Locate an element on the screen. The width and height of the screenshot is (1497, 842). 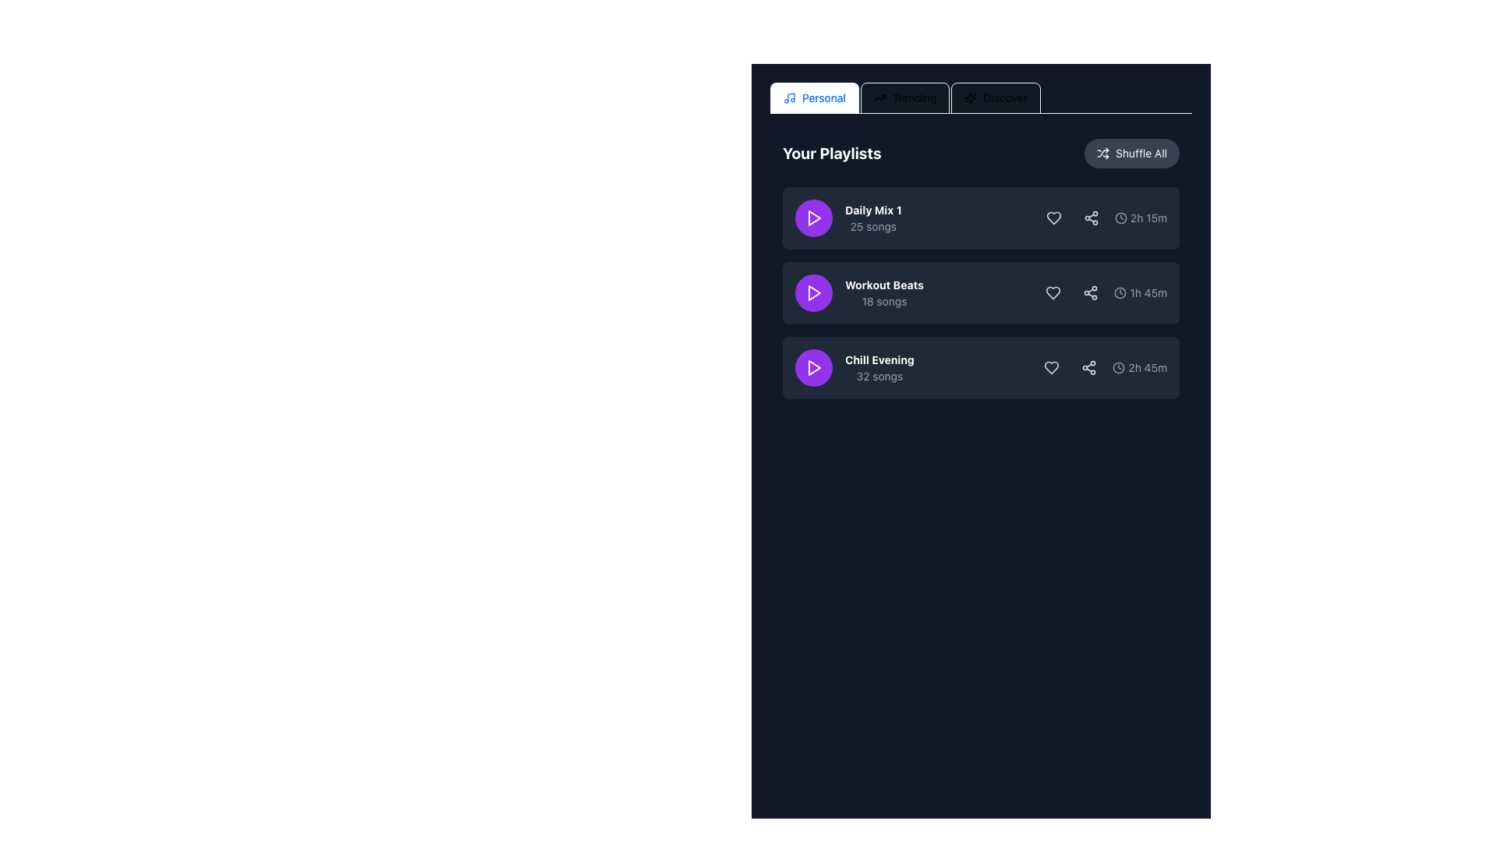
the second share icon to the right of the 'Workout Beats' row in the playlist section to initiate sharing options is located at coordinates (1090, 292).